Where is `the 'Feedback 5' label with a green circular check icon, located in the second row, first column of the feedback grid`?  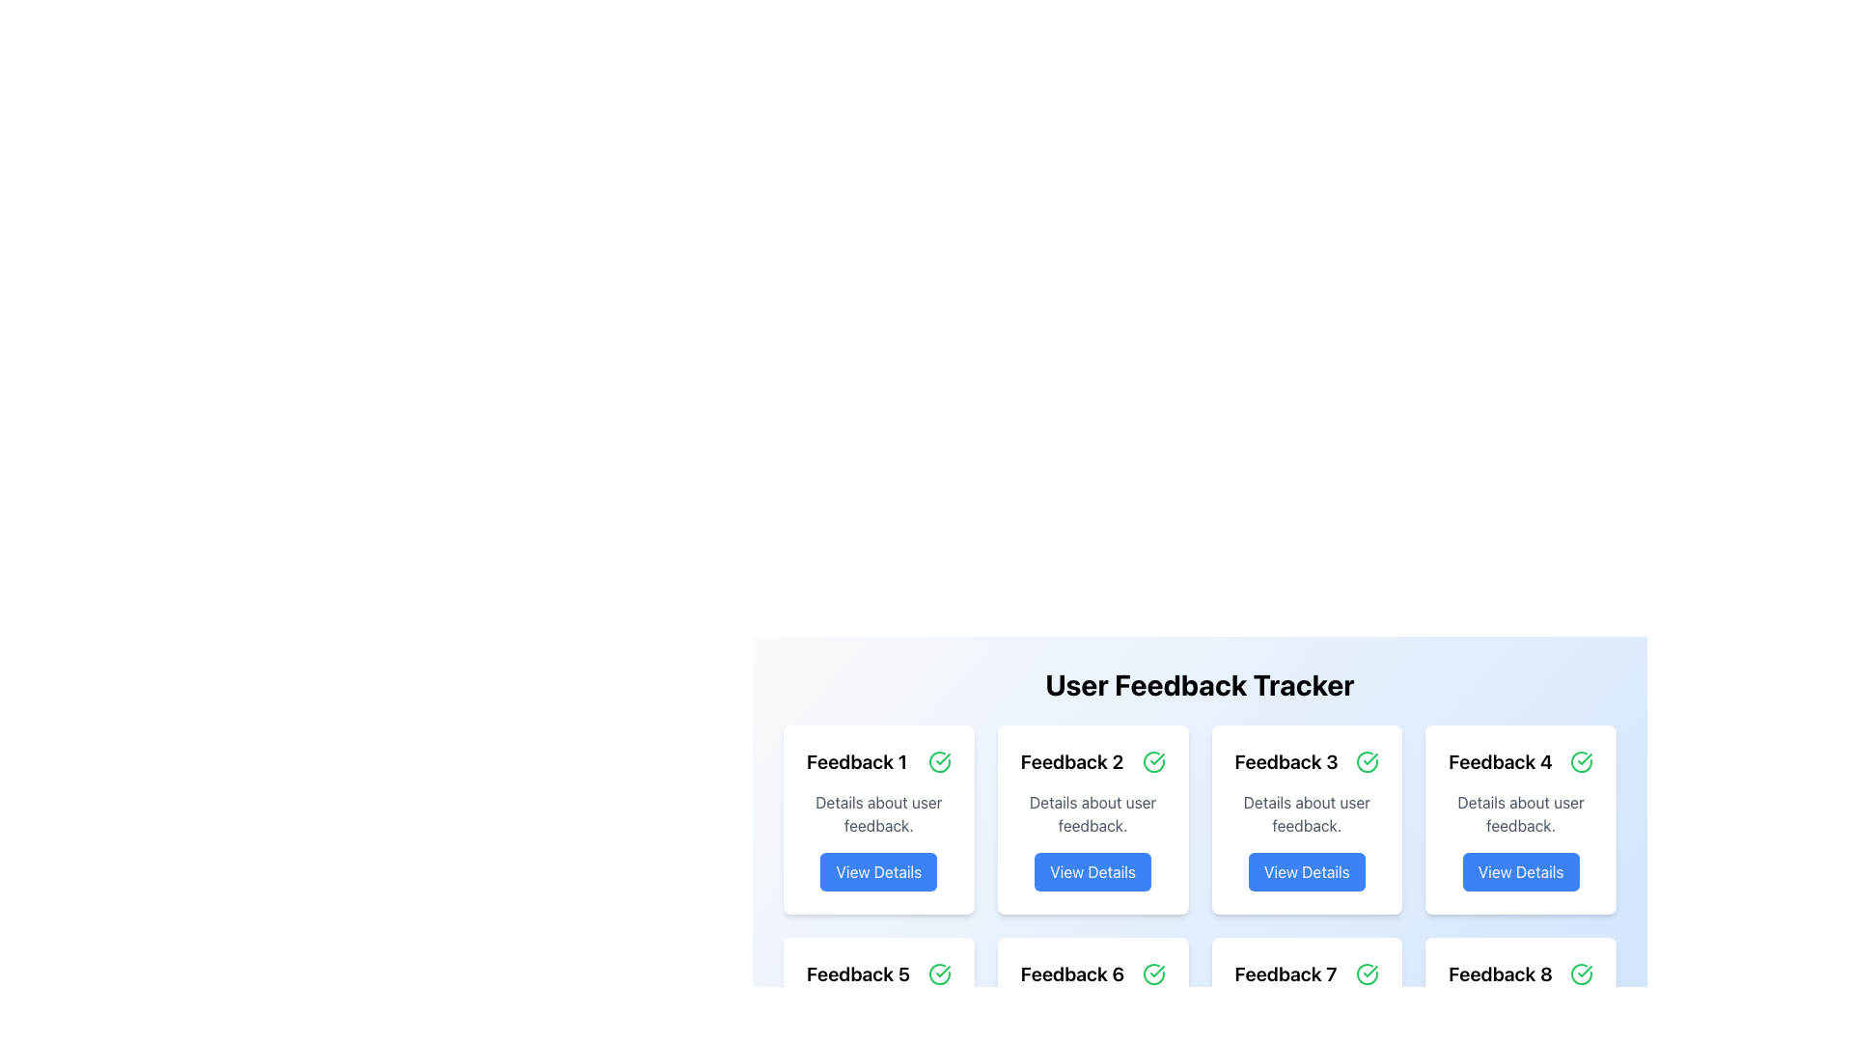 the 'Feedback 5' label with a green circular check icon, located in the second row, first column of the feedback grid is located at coordinates (877, 974).